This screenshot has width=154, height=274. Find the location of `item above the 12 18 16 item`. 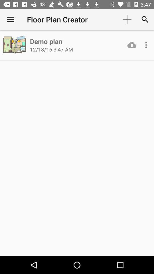

item above the 12 18 16 item is located at coordinates (46, 41).